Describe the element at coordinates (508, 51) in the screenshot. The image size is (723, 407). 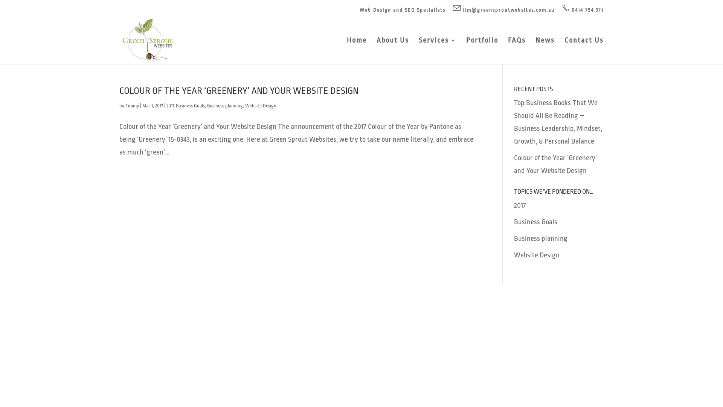
I see `'FAQs'` at that location.